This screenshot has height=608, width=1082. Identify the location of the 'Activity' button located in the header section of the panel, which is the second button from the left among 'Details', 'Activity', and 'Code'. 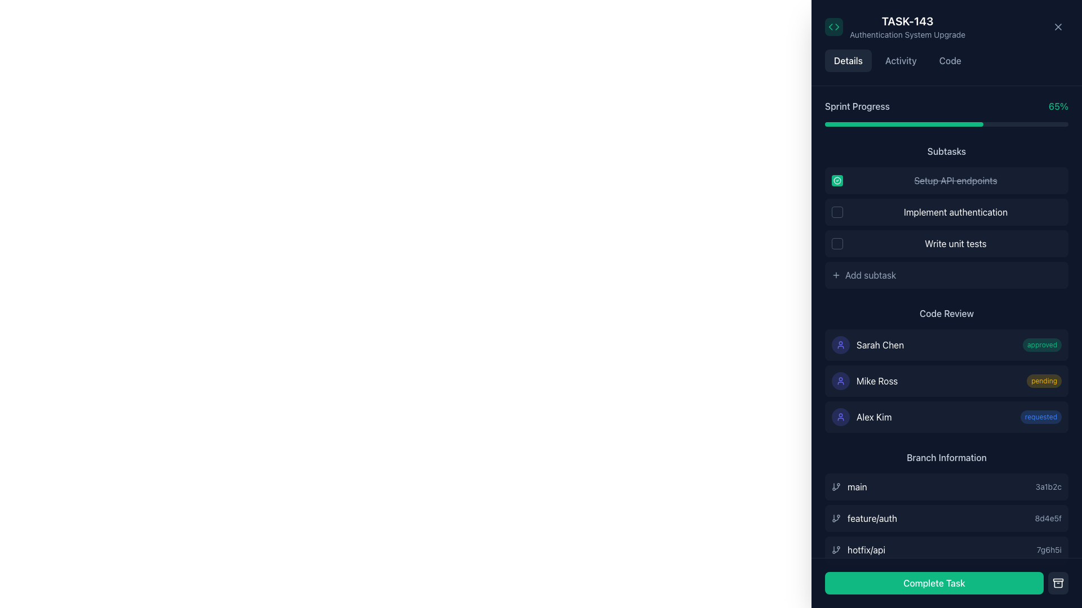
(900, 61).